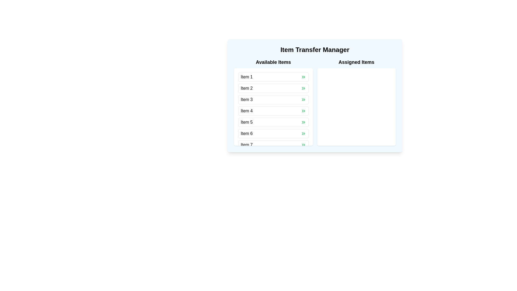  What do you see at coordinates (303, 122) in the screenshot?
I see `the green chevron double-arrow button located at the far-right of the 'Item 5' entry in the 'Available Items' list to observe the styling change` at bounding box center [303, 122].